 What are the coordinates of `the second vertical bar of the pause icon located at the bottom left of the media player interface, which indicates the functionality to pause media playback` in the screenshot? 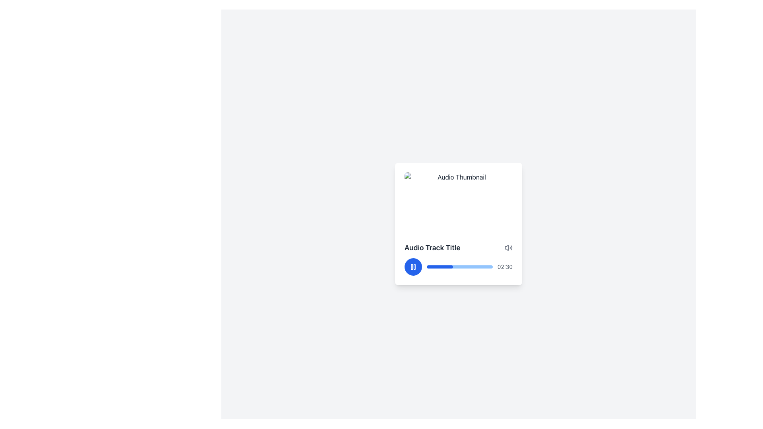 It's located at (414, 267).